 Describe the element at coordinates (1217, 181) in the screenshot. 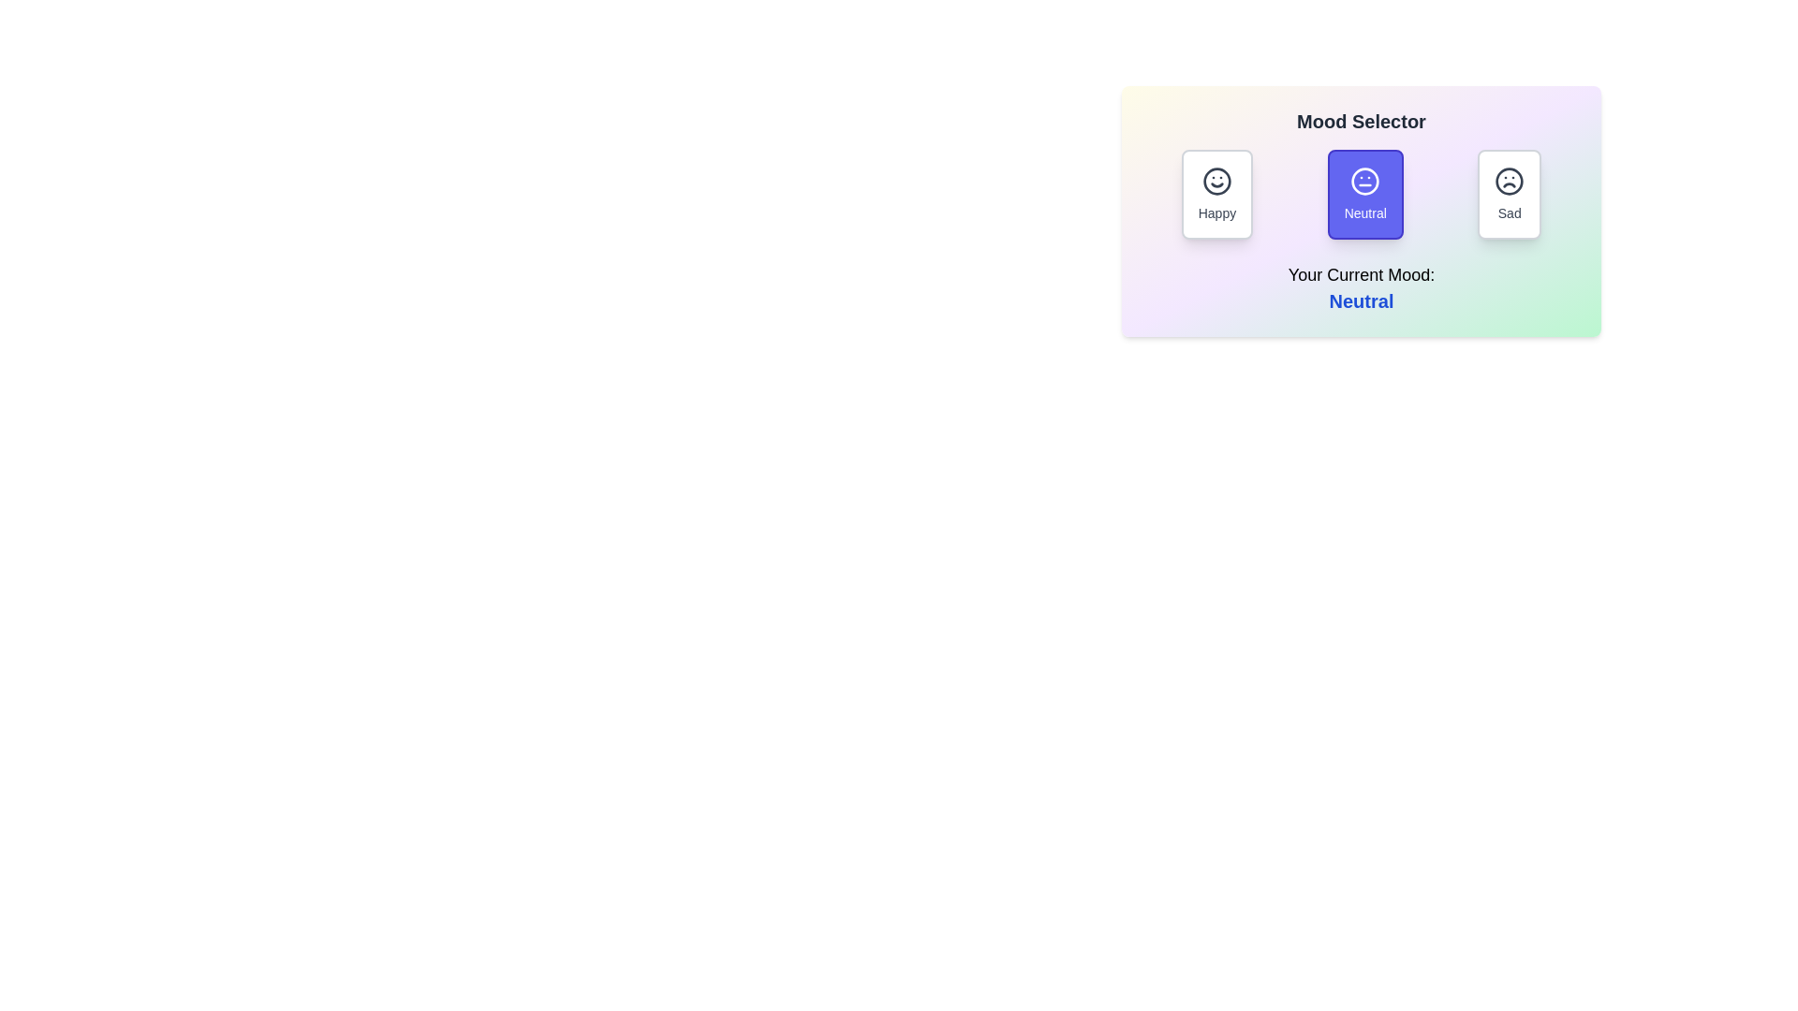

I see `the SVG Circle element that serves as the outer boundary of the 'happy' face icon, which is styled with a stroke color and has no fill` at that location.